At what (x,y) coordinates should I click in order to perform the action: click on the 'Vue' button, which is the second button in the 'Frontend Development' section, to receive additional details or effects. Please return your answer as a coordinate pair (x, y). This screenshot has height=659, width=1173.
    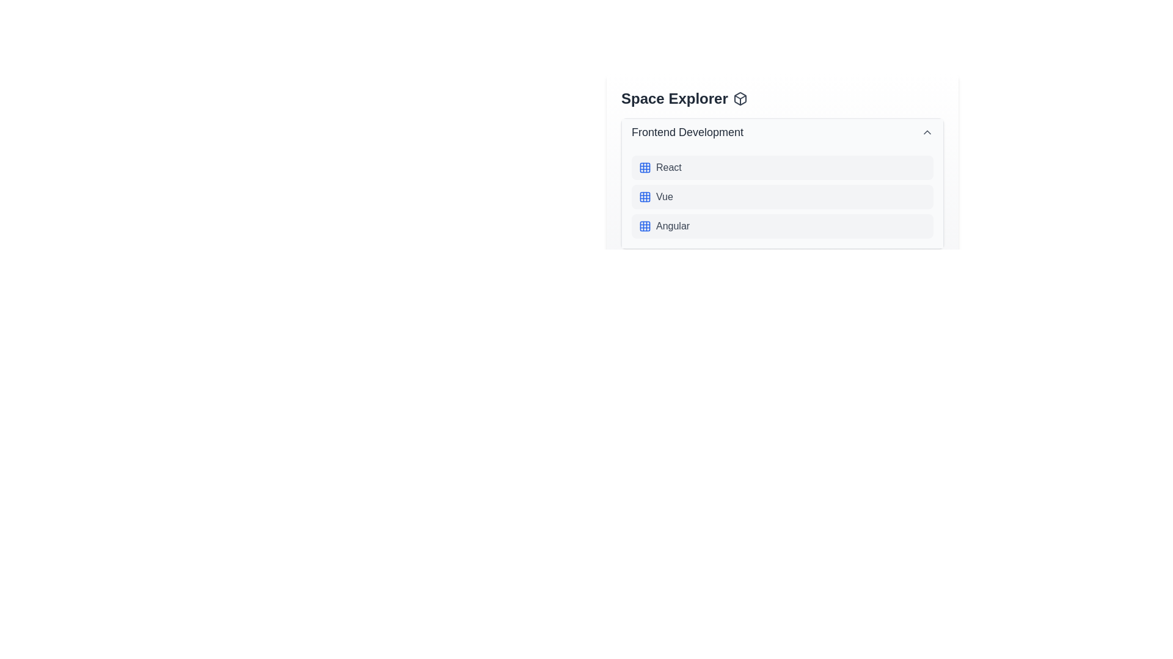
    Looking at the image, I should click on (783, 196).